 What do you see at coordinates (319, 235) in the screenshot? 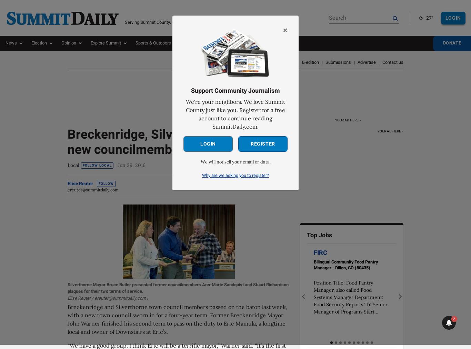
I see `'Top Jobs'` at bounding box center [319, 235].